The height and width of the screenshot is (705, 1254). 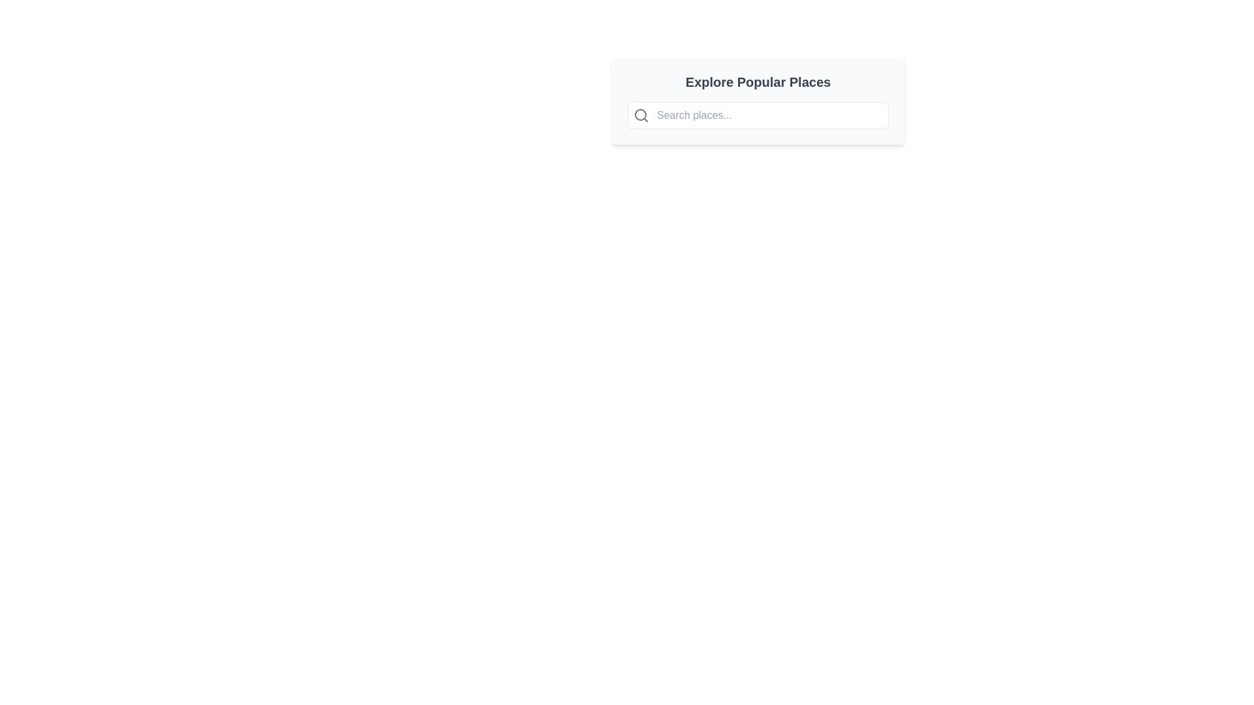 What do you see at coordinates (641, 115) in the screenshot?
I see `the search icon located inside the search bar, which is positioned on the far left side adjacent to the text input area with the placeholder 'Search places...'` at bounding box center [641, 115].